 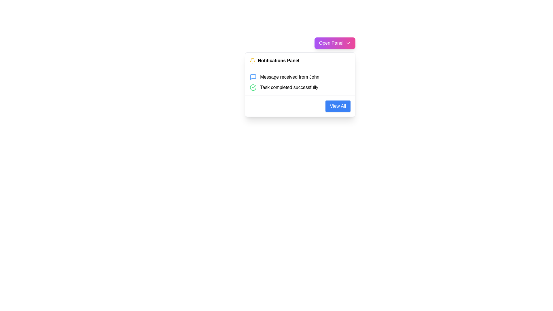 What do you see at coordinates (300, 84) in the screenshot?
I see `the notification items in the dropdown panel` at bounding box center [300, 84].